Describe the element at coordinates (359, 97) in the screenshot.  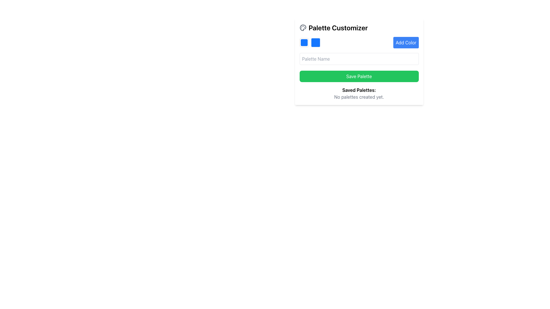
I see `the static text indicating that there are currently no saved palettes, positioned directly below the 'Saved Palettes:' header` at that location.